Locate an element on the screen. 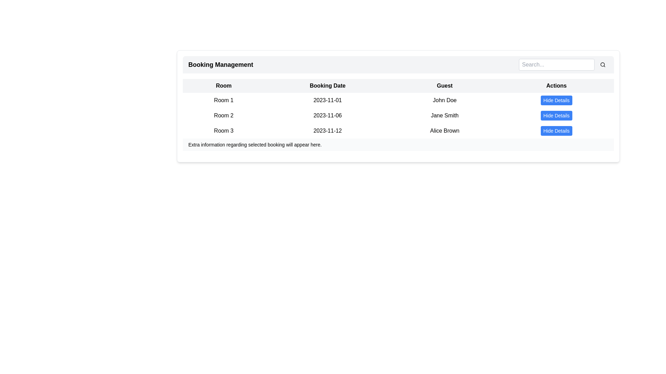 Image resolution: width=666 pixels, height=374 pixels. the toggle button in the 'Actions' column for 'Room 3' to observe the style change is located at coordinates (556, 131).